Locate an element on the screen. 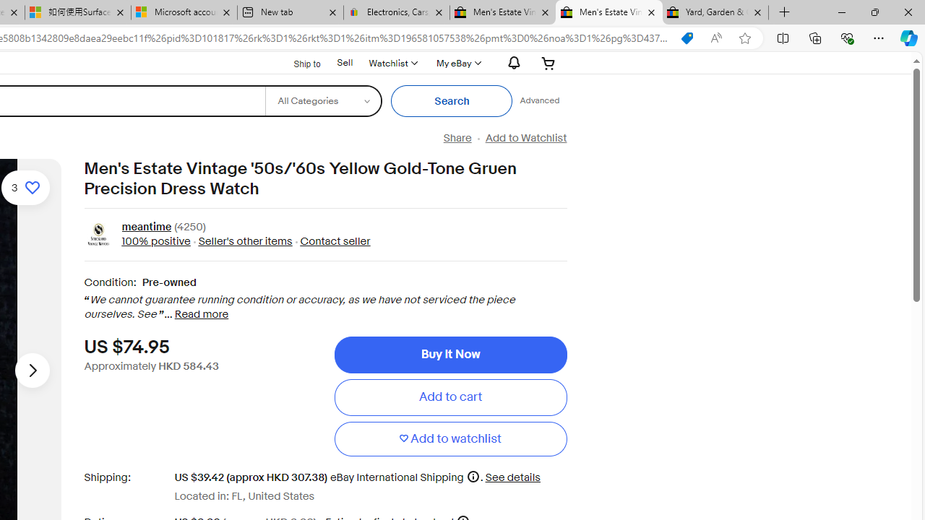 The height and width of the screenshot is (520, 925). 'Sell' is located at coordinates (344, 62).